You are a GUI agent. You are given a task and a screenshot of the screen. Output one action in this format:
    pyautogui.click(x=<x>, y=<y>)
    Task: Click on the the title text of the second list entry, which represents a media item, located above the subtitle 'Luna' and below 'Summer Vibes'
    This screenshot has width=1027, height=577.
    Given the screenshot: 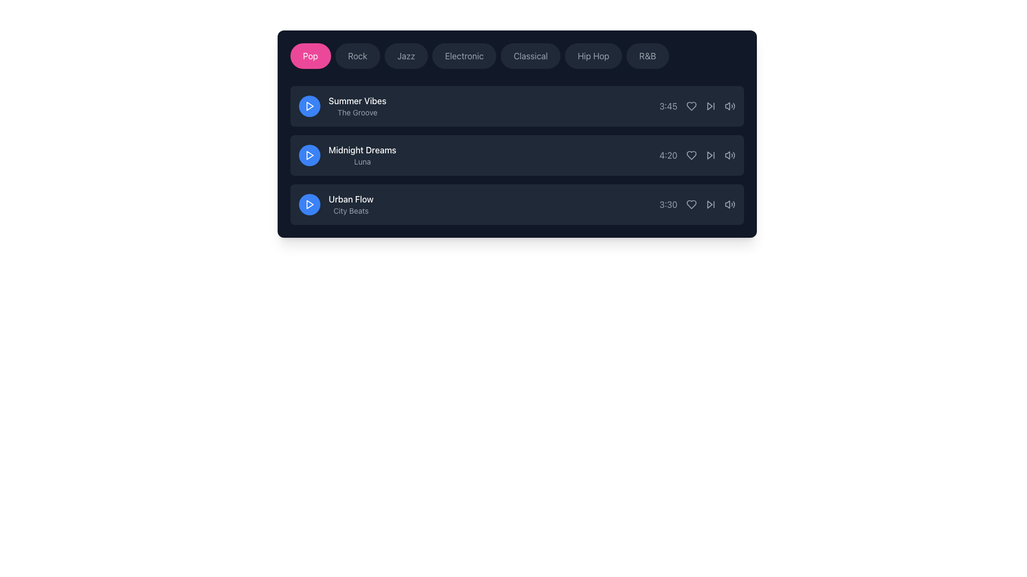 What is the action you would take?
    pyautogui.click(x=362, y=150)
    